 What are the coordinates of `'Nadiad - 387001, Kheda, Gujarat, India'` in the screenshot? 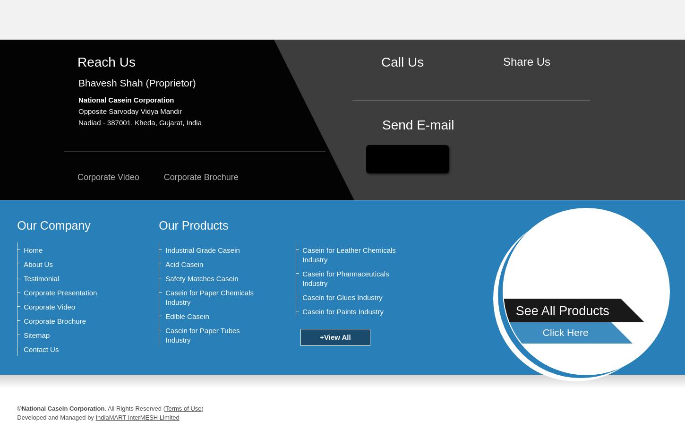 It's located at (140, 122).